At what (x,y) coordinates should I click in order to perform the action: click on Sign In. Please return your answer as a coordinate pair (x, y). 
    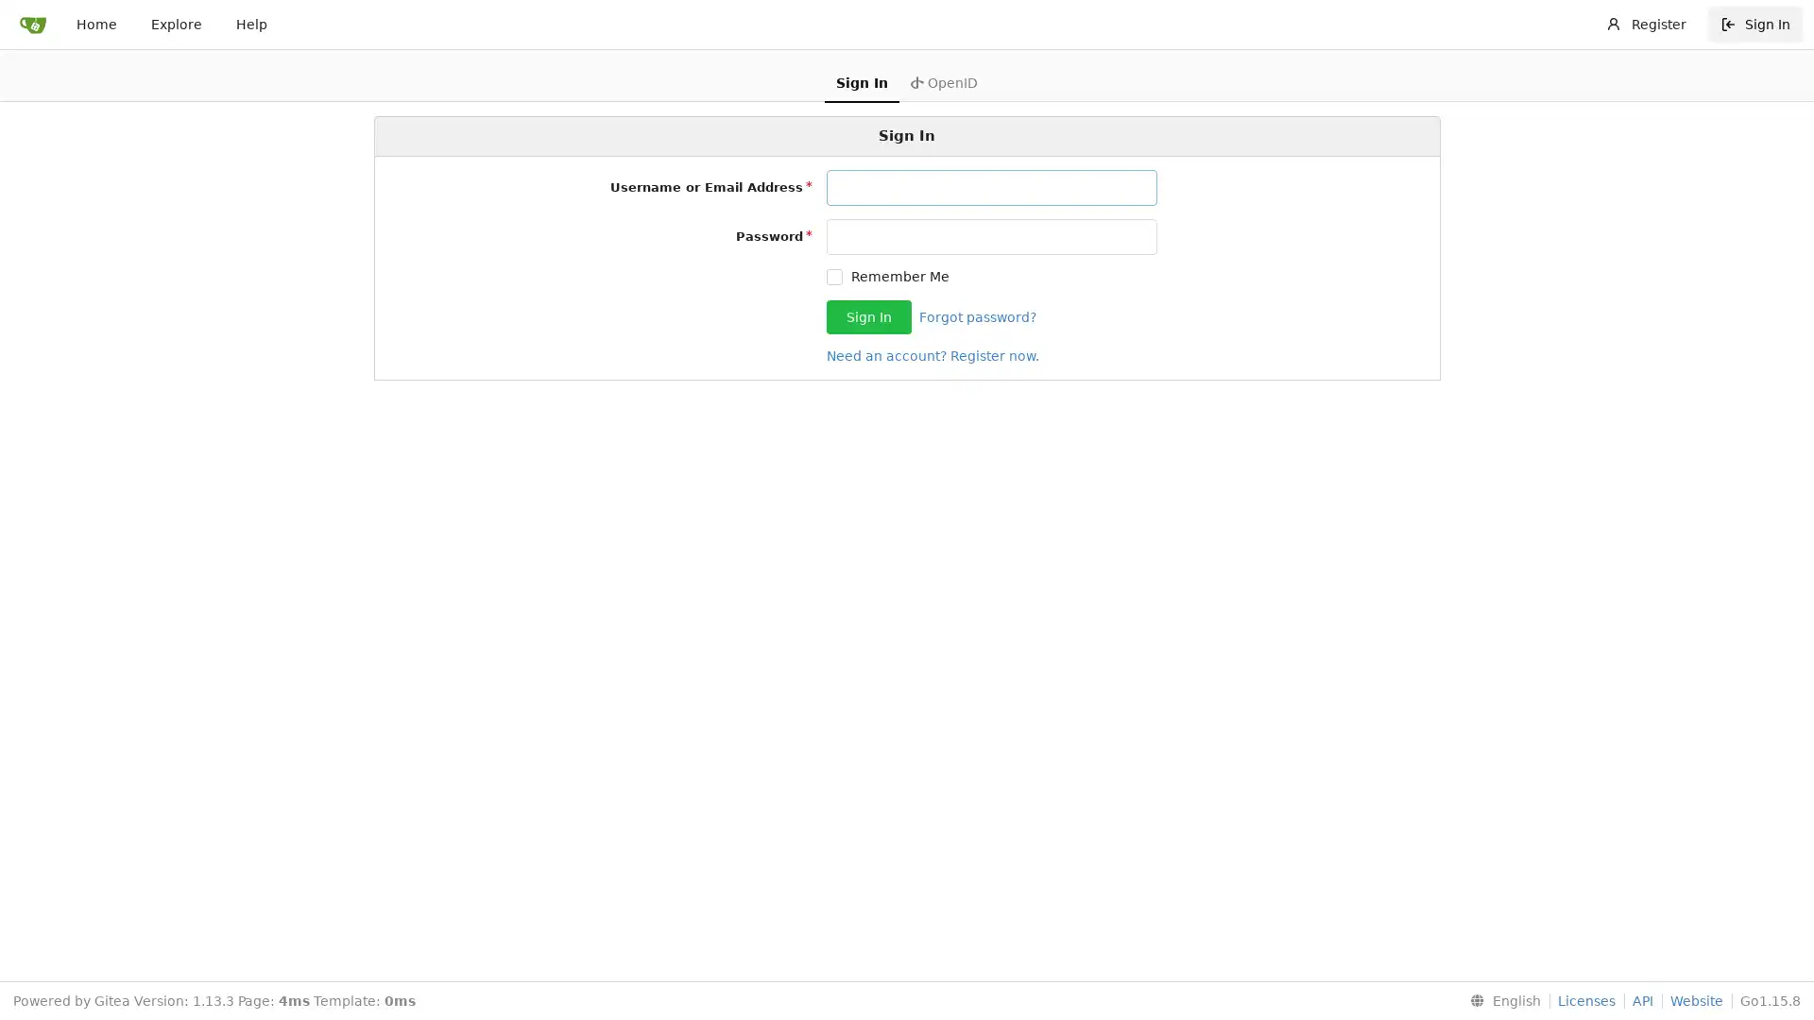
    Looking at the image, I should click on (868, 315).